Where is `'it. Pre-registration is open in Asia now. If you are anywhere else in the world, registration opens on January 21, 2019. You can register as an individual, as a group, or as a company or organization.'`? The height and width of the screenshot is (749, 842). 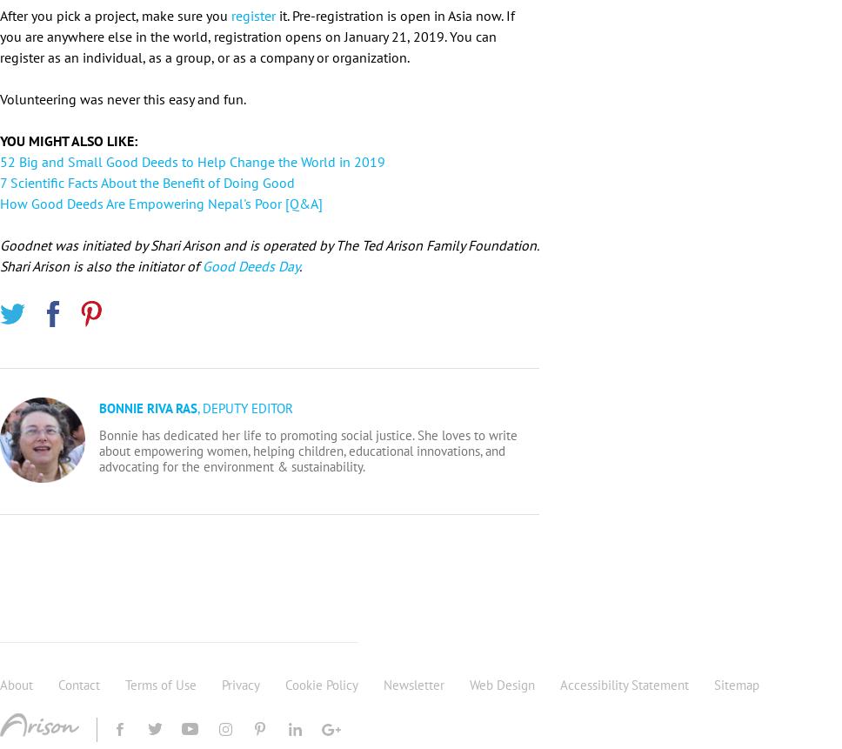 'it. Pre-registration is open in Asia now. If you are anywhere else in the world, registration opens on January 21, 2019. You can register as an individual, as a group, or as a company or organization.' is located at coordinates (0, 35).